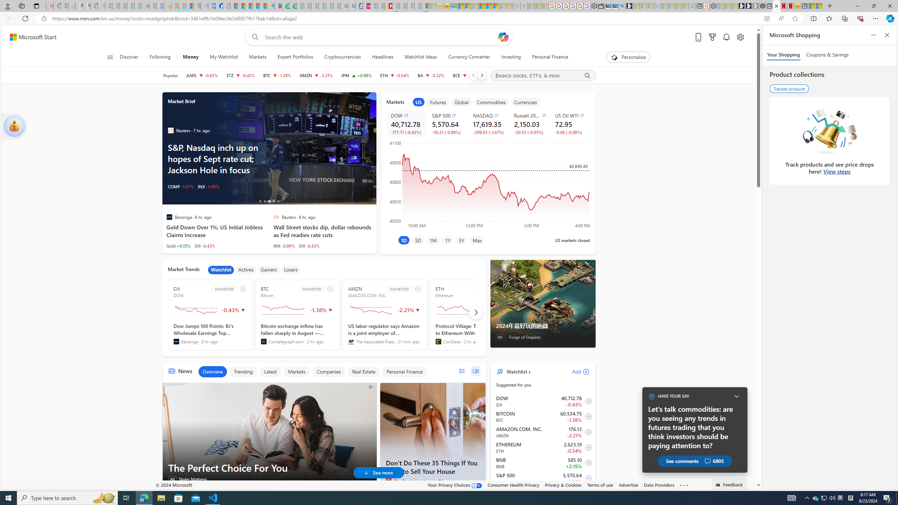 The image size is (898, 505). Describe the element at coordinates (270, 435) in the screenshot. I see `'The Perfect Choice For You'` at that location.